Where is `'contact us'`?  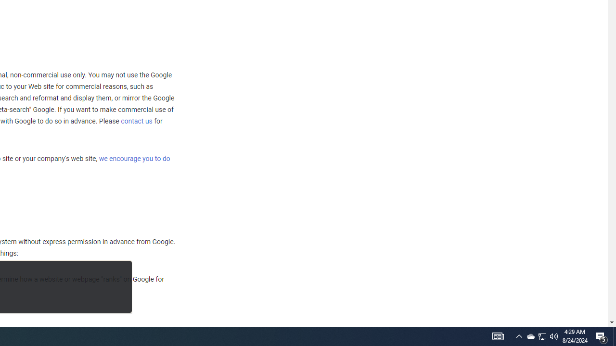 'contact us' is located at coordinates (136, 120).